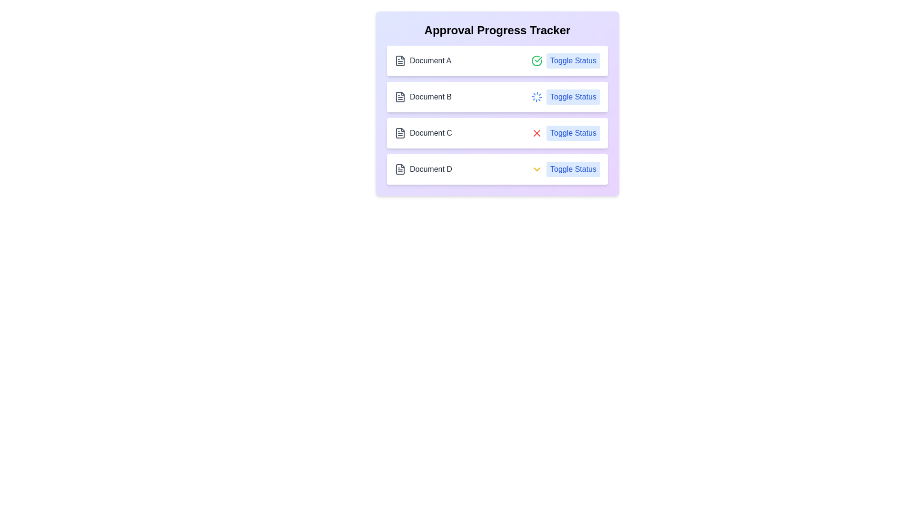 This screenshot has height=514, width=914. Describe the element at coordinates (400, 133) in the screenshot. I see `the document icon located in the third row of the document approval tracker, positioned to the left of the text label 'Document C'` at that location.